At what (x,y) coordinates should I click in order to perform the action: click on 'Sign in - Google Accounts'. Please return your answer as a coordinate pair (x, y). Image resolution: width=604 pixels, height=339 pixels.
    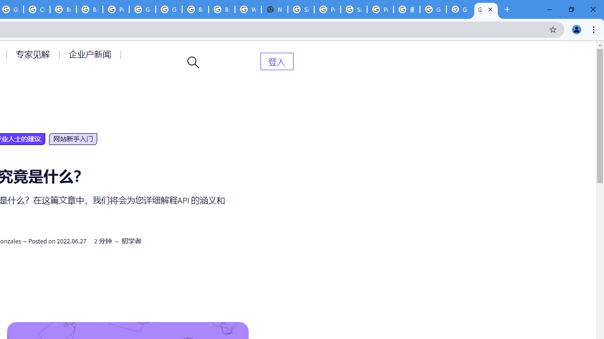
    Looking at the image, I should click on (301, 9).